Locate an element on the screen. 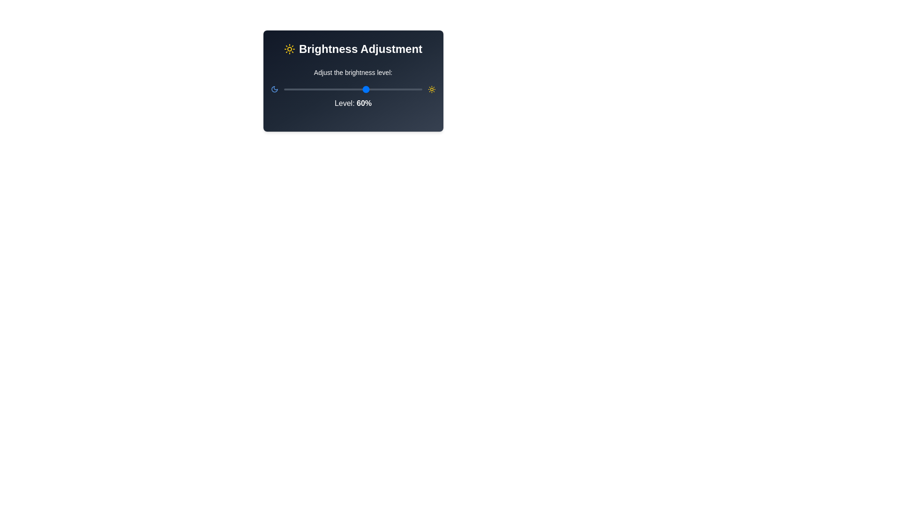 Image resolution: width=900 pixels, height=506 pixels. the brightness level is located at coordinates (366, 89).